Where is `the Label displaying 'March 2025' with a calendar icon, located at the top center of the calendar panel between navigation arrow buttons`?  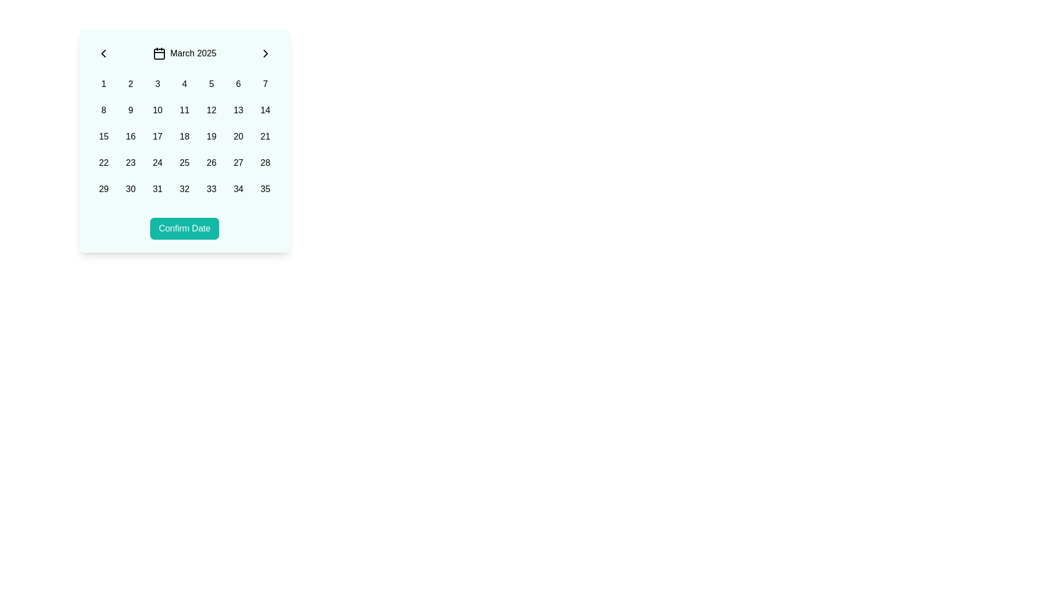 the Label displaying 'March 2025' with a calendar icon, located at the top center of the calendar panel between navigation arrow buttons is located at coordinates (184, 53).